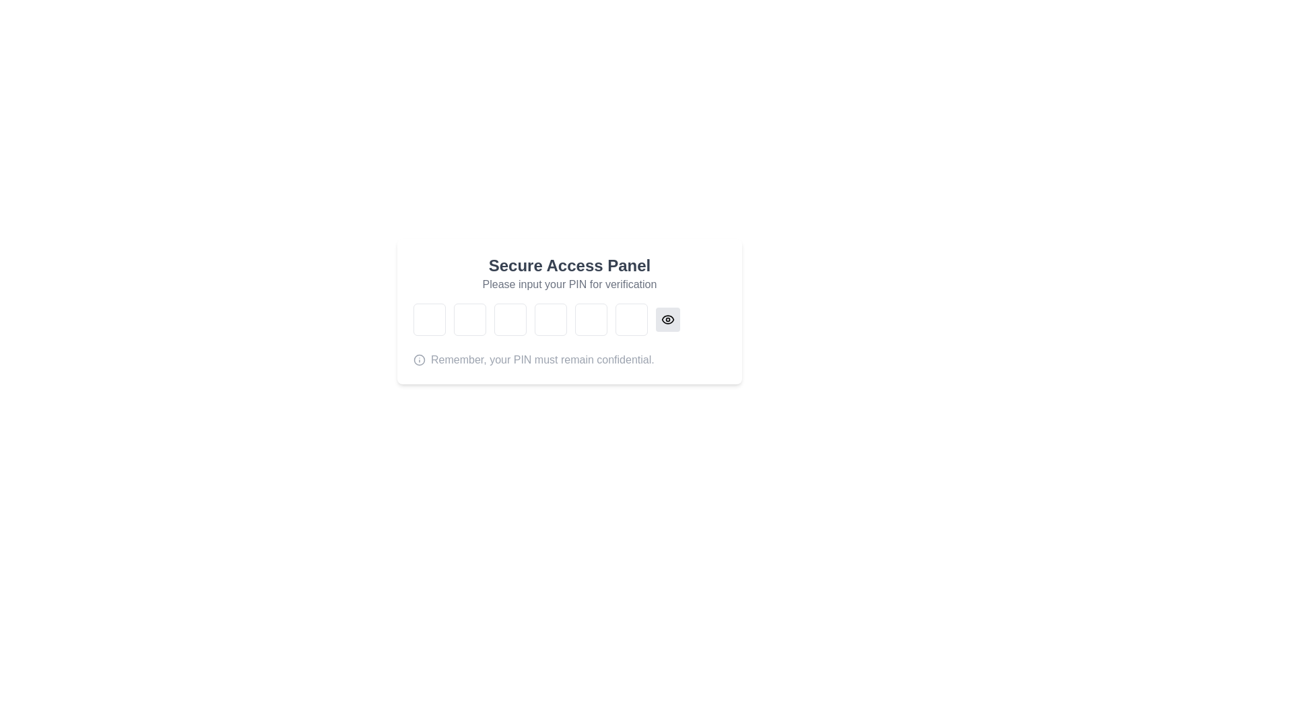  I want to click on the circular outline SVG element that is part of the information icon, located next to the text 'Remember, your PIN must remain confidential.', so click(419, 359).